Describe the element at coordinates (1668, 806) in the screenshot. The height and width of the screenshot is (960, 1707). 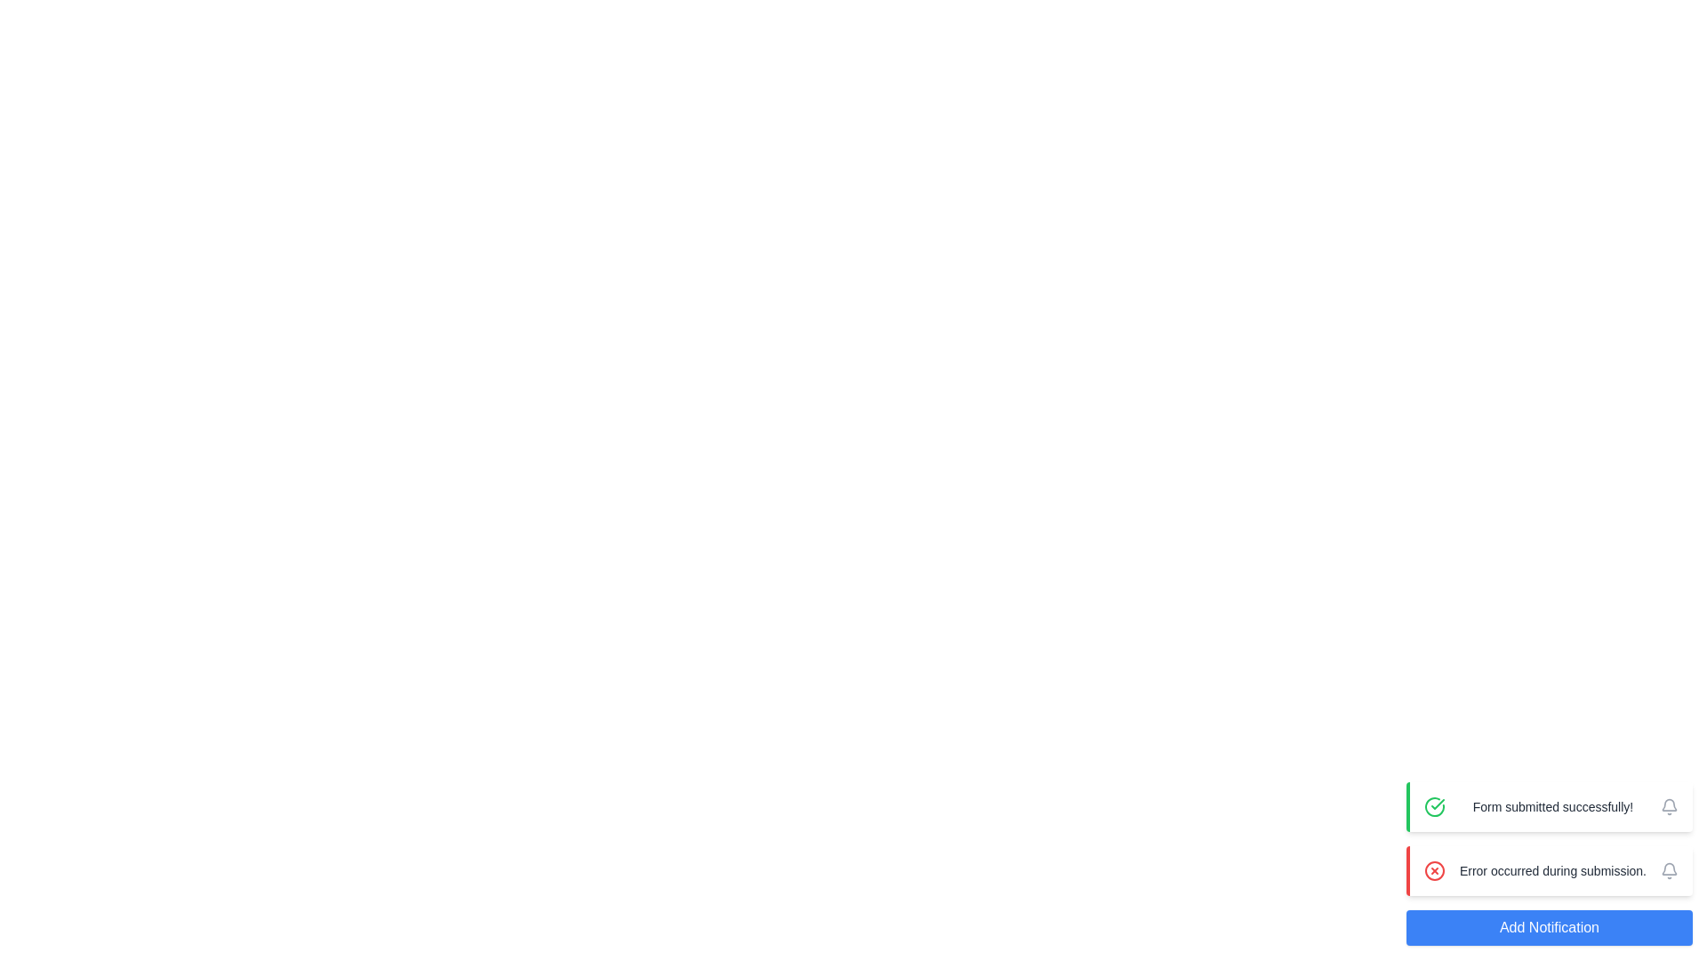
I see `close button (bell icon) of the notification to dismiss it` at that location.